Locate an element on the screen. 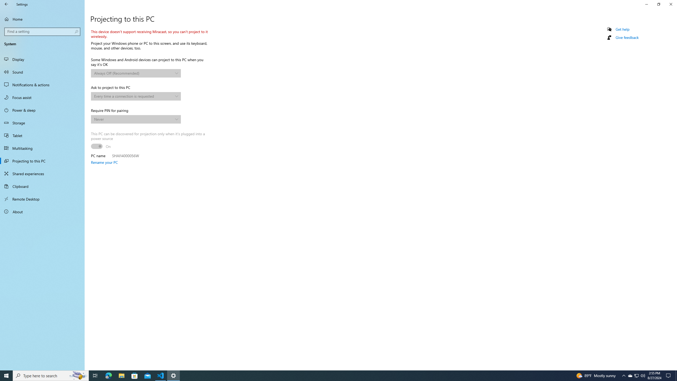 Image resolution: width=677 pixels, height=381 pixels. 'Minimize Settings' is located at coordinates (646, 4).